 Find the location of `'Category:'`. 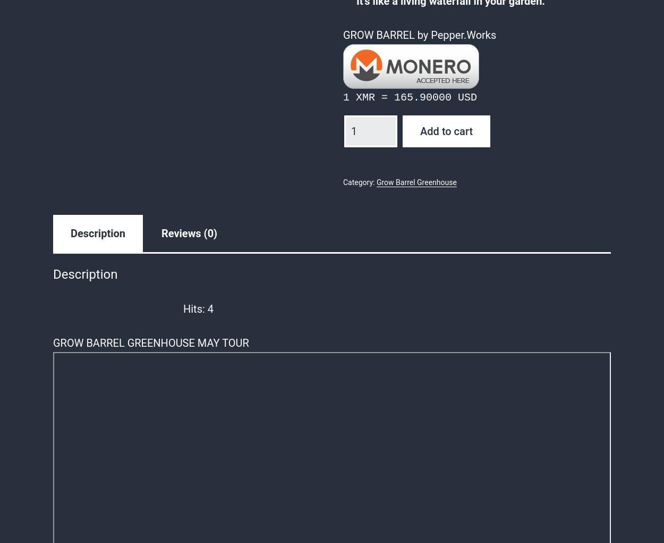

'Category:' is located at coordinates (360, 181).